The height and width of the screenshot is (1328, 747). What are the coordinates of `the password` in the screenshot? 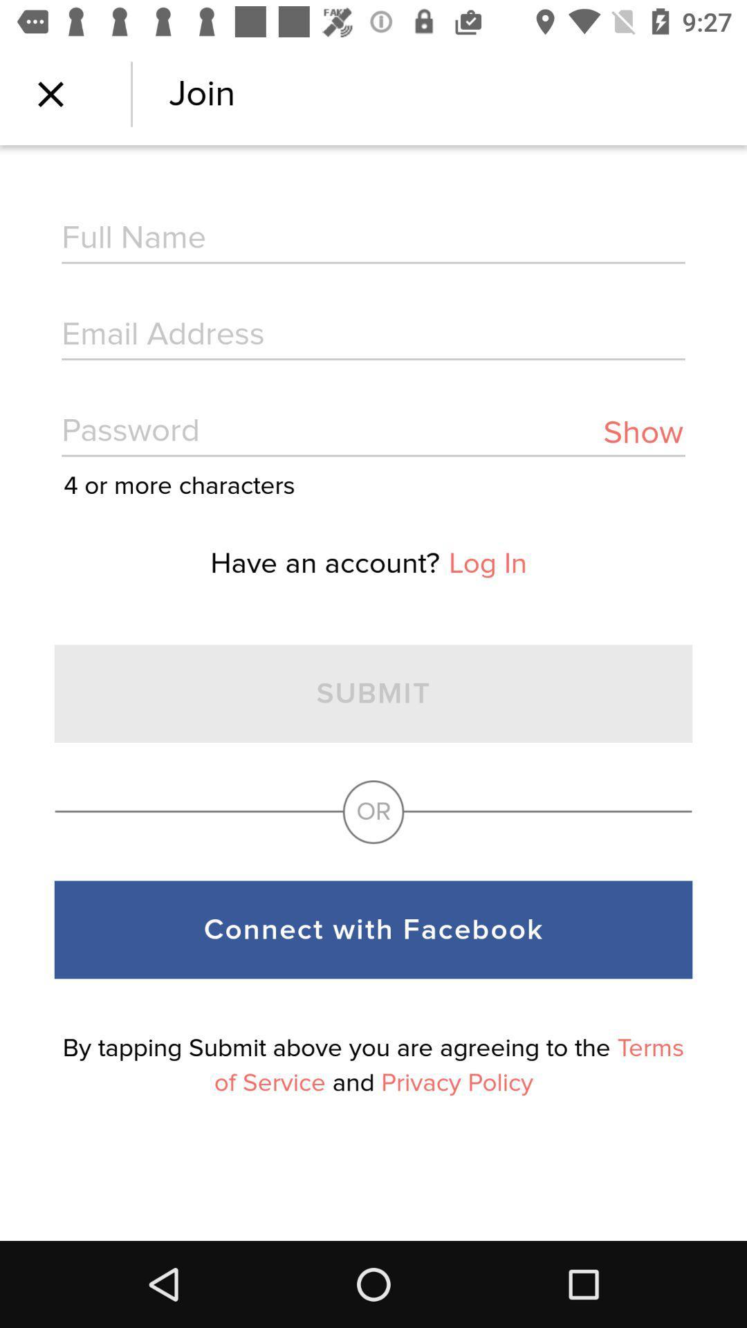 It's located at (373, 432).